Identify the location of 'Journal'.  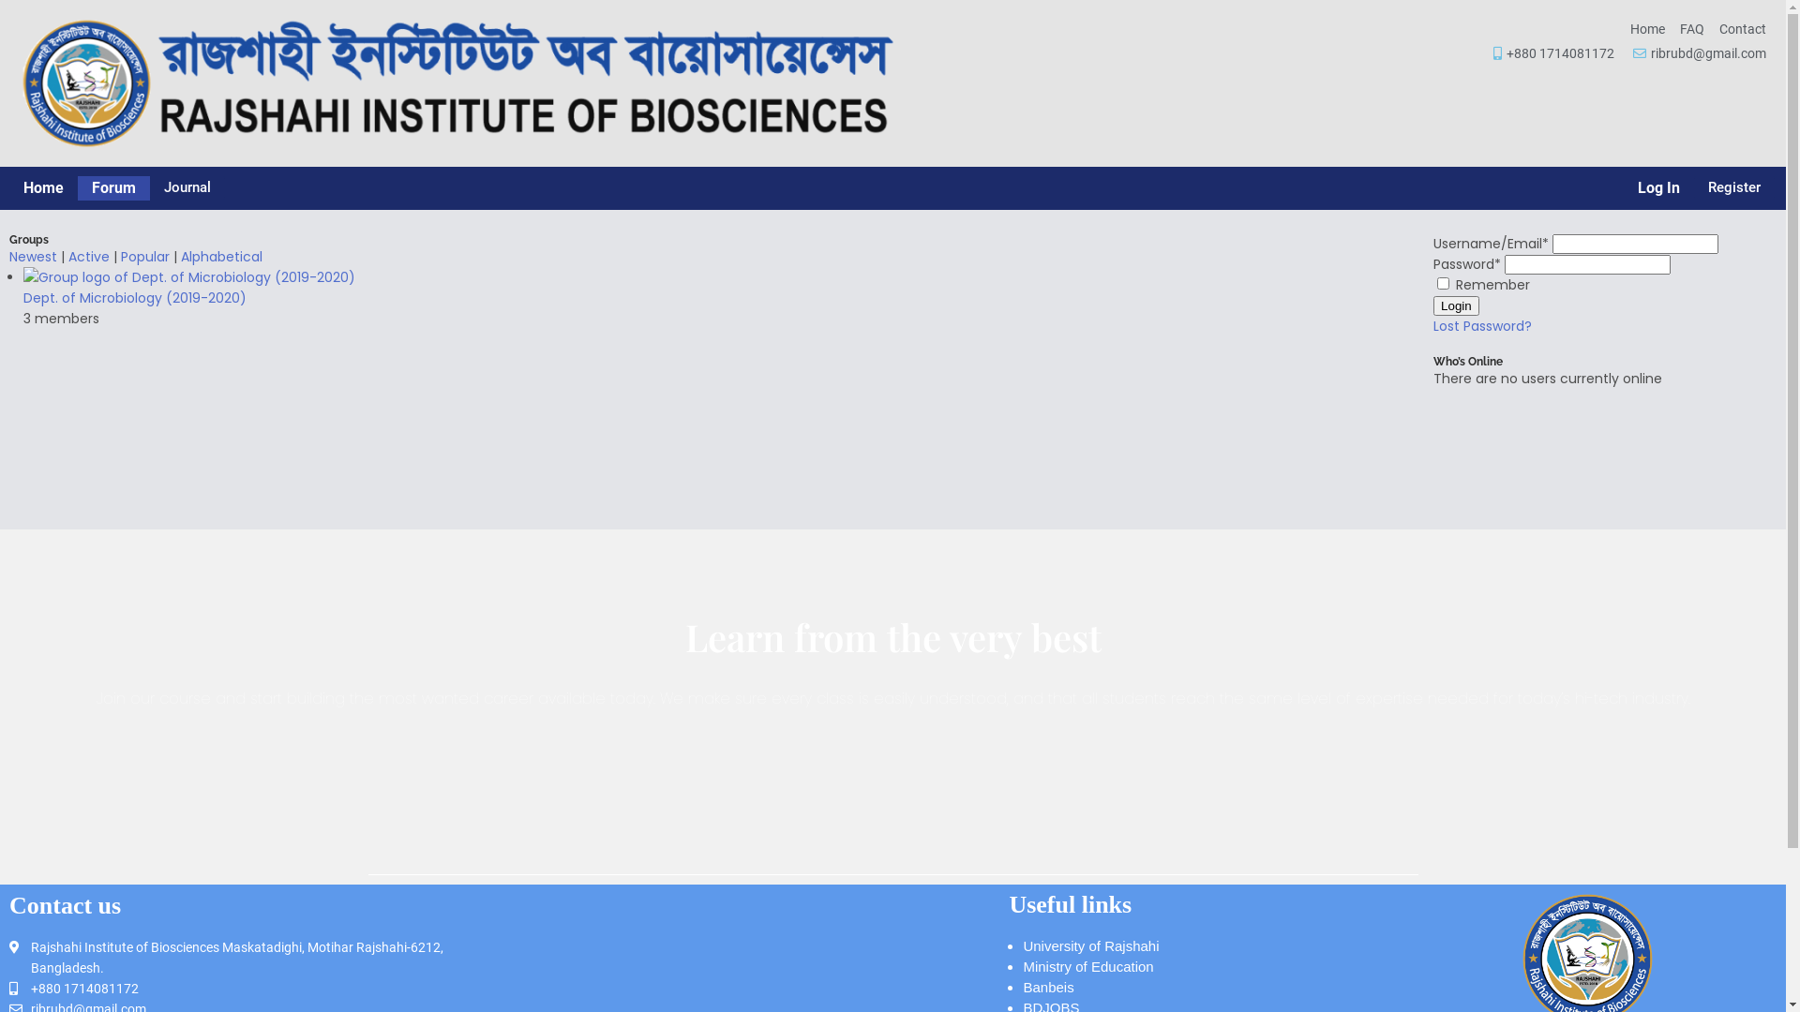
(187, 187).